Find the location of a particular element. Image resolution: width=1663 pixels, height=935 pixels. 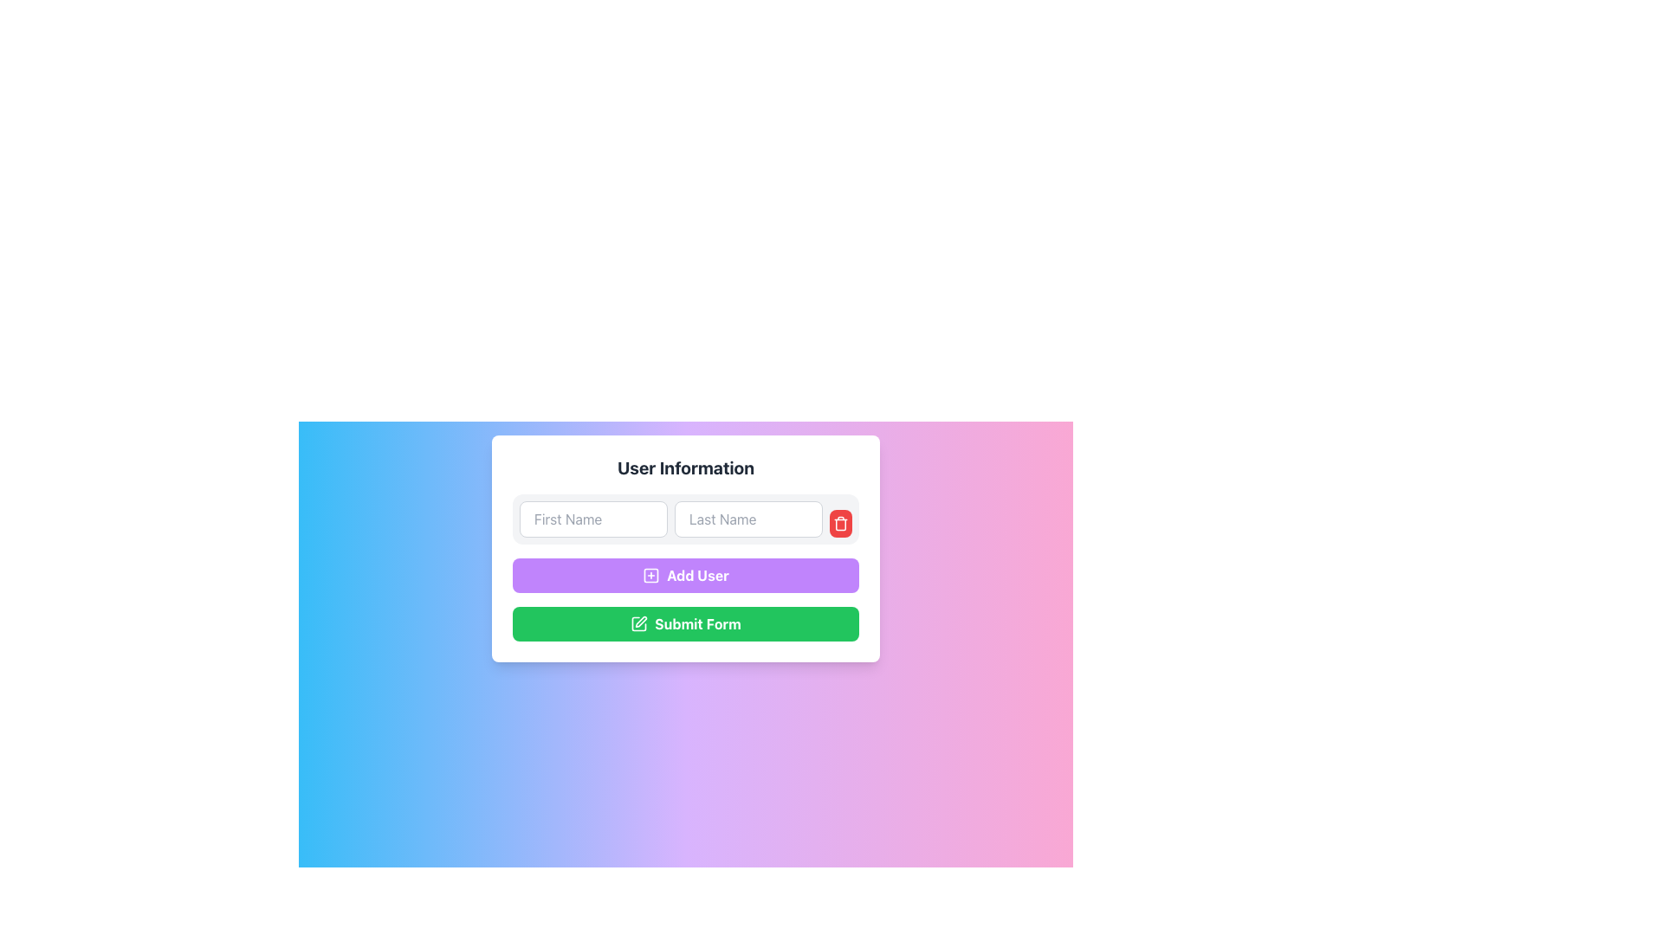

the '+' graphic icon within the 'Add User' button is located at coordinates (650, 575).